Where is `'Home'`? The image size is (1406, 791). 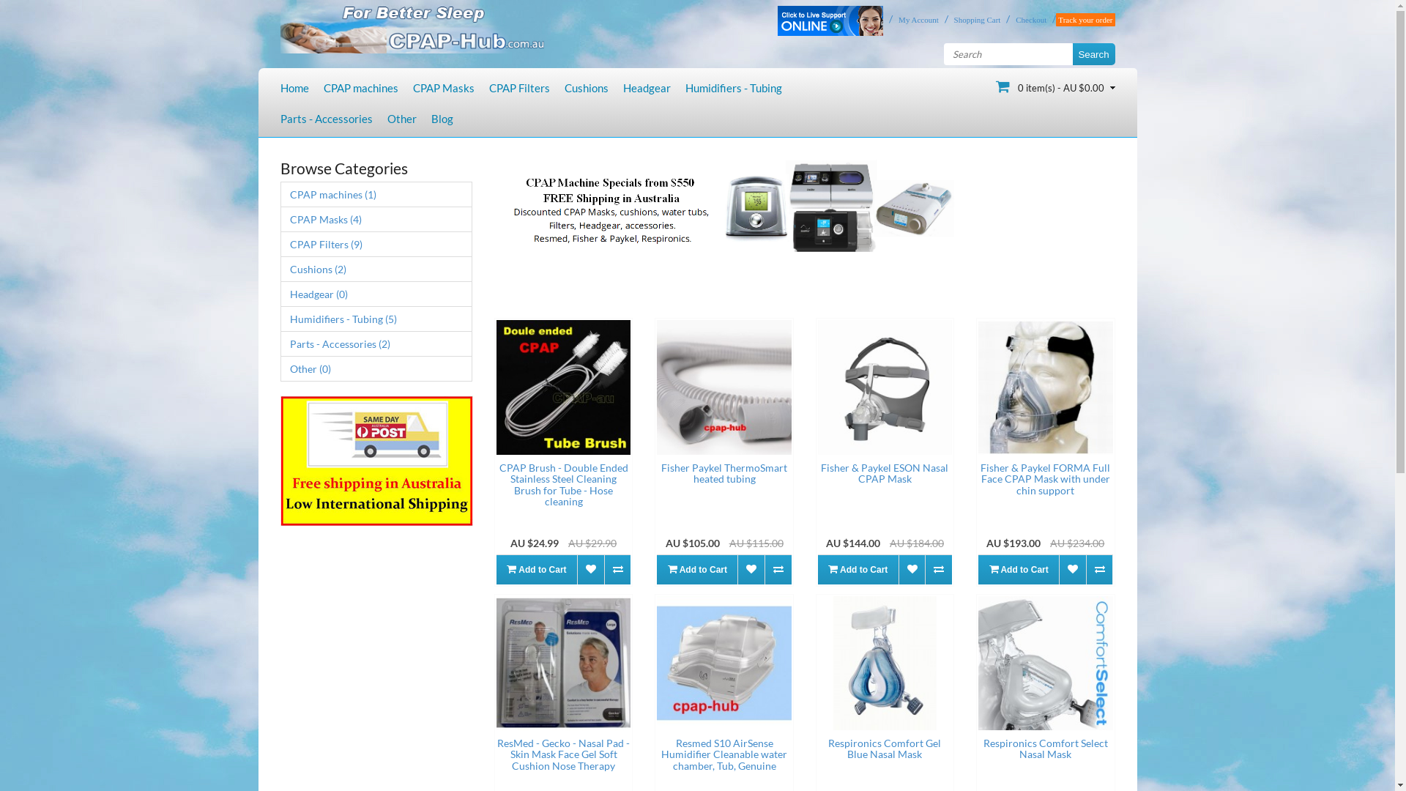
'Home' is located at coordinates (293, 87).